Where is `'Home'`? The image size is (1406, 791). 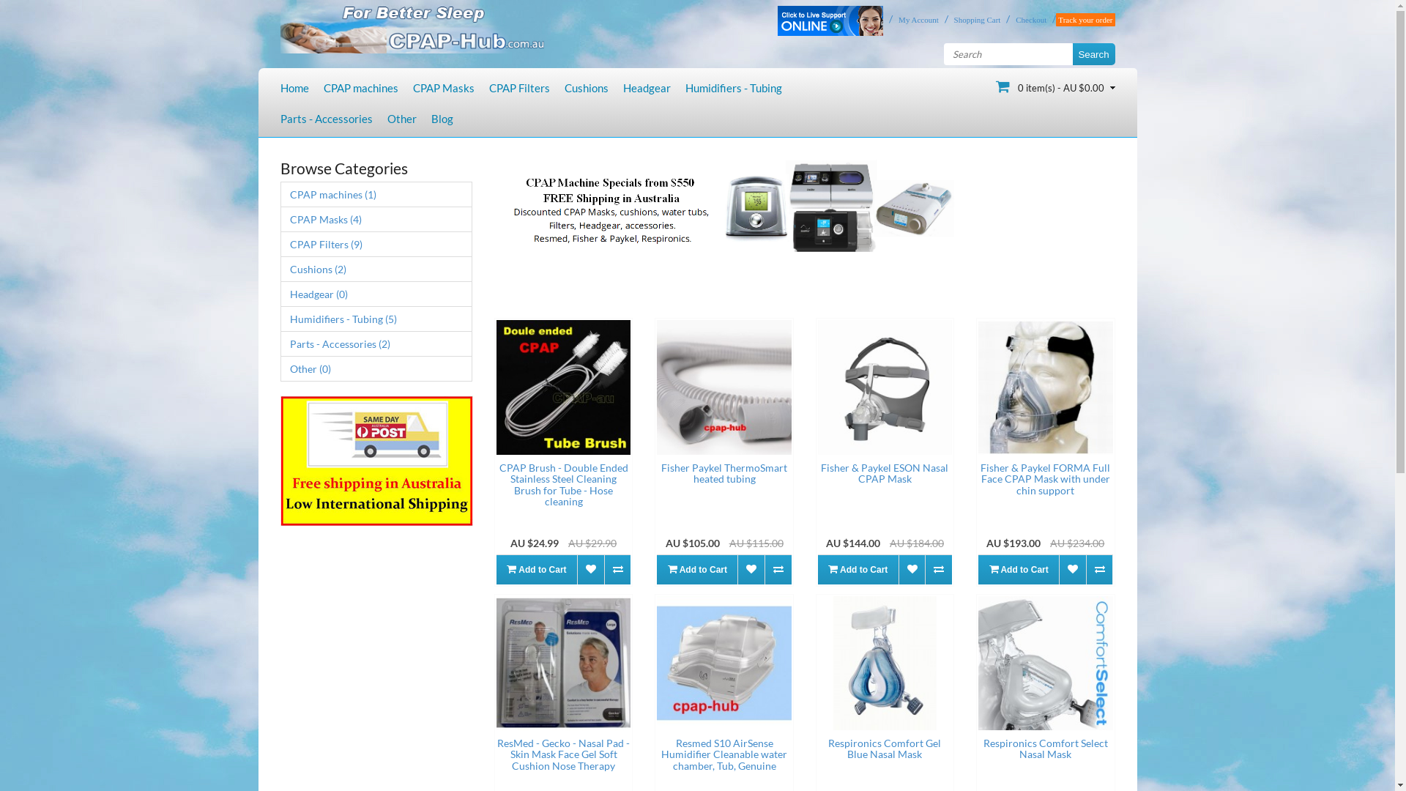
'Home' is located at coordinates (293, 87).